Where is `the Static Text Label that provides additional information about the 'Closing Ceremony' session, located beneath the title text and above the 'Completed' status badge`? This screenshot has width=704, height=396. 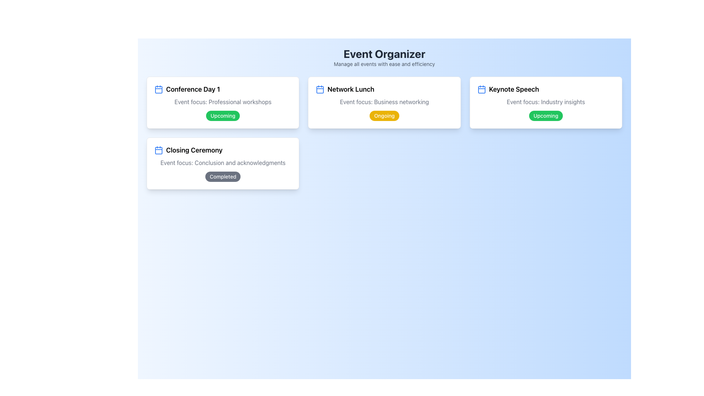
the Static Text Label that provides additional information about the 'Closing Ceremony' session, located beneath the title text and above the 'Completed' status badge is located at coordinates (223, 162).